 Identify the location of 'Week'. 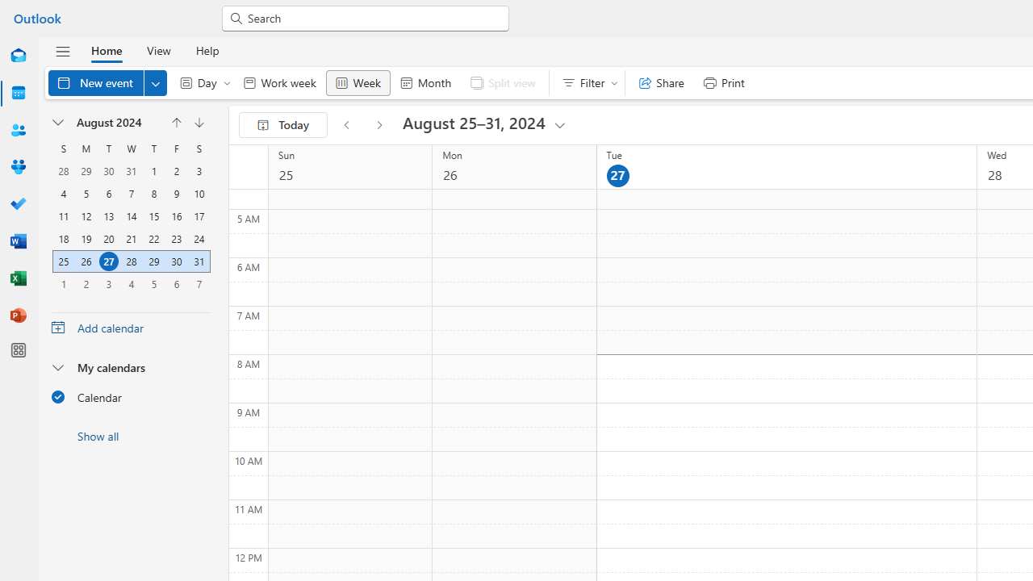
(357, 82).